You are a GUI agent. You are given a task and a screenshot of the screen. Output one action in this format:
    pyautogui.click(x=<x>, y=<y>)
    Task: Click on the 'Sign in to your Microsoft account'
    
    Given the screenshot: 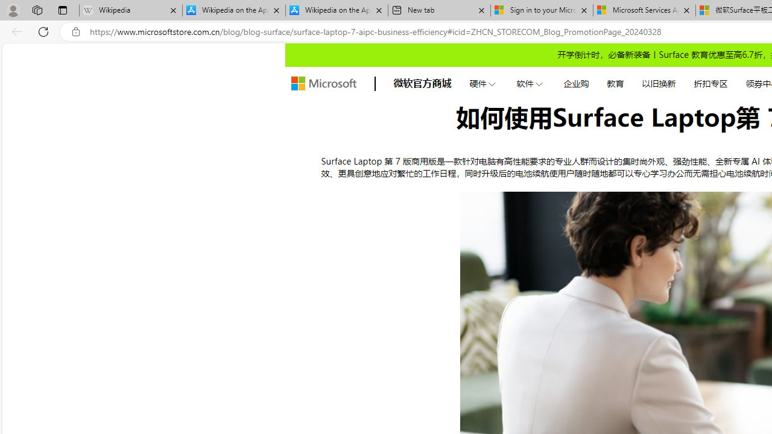 What is the action you would take?
    pyautogui.click(x=541, y=10)
    